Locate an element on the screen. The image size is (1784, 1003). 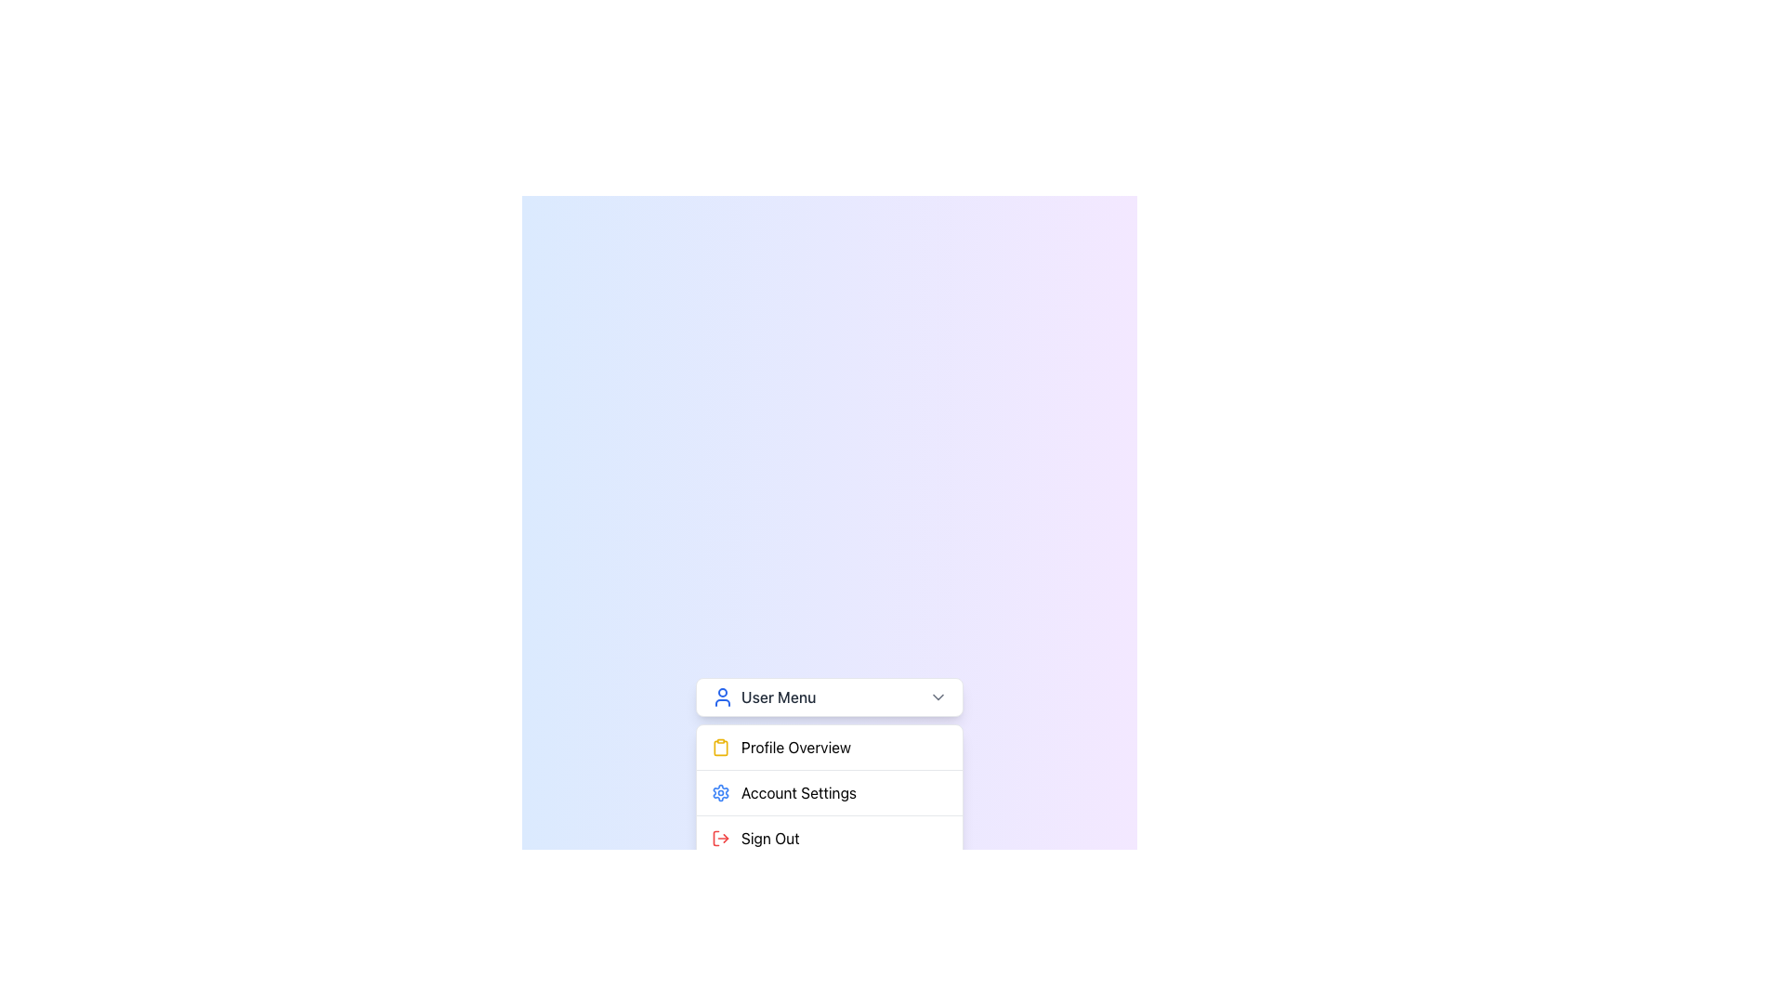
the sign out button located in the dropdown menu beneath the 'Account Settings' option to log out of the user's account is located at coordinates (828, 838).